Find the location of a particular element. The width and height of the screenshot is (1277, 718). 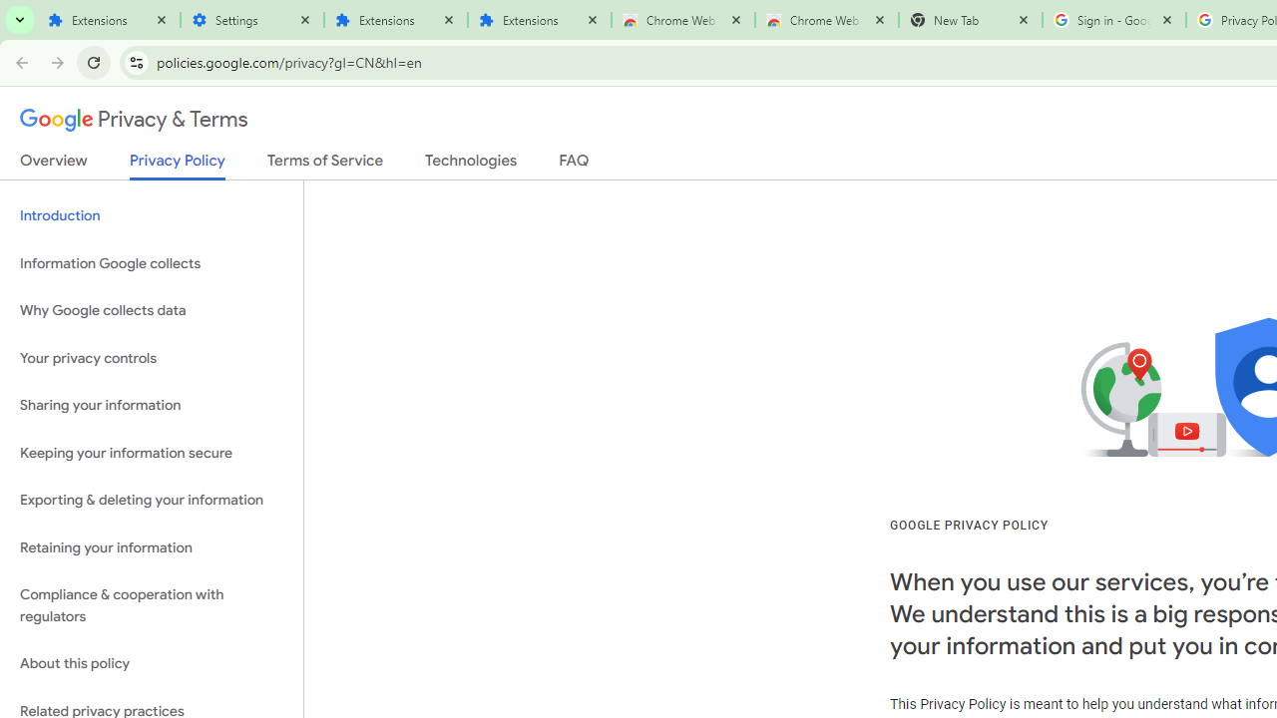

'Chrome Web Store - Themes' is located at coordinates (826, 20).